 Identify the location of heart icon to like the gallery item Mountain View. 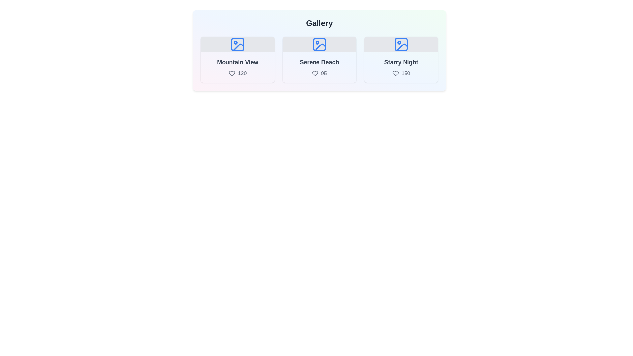
(232, 74).